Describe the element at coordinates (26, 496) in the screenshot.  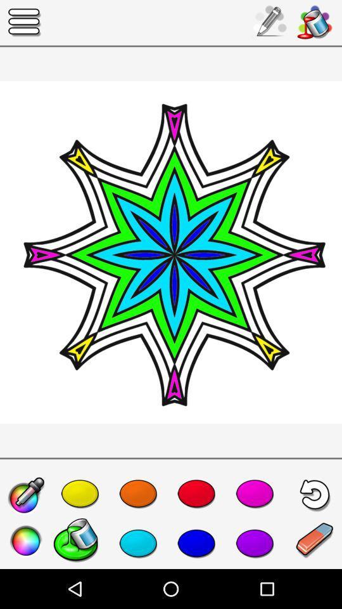
I see `the edit icon` at that location.